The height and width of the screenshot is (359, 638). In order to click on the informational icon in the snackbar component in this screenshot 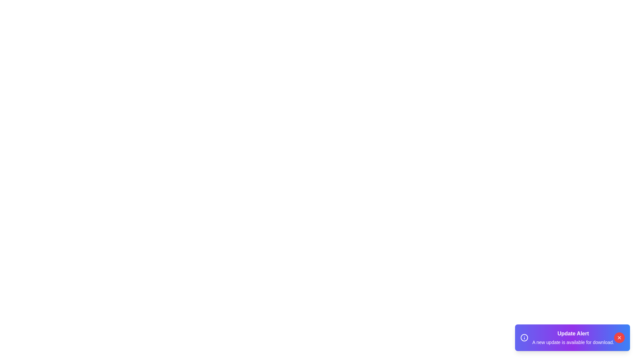, I will do `click(524, 337)`.